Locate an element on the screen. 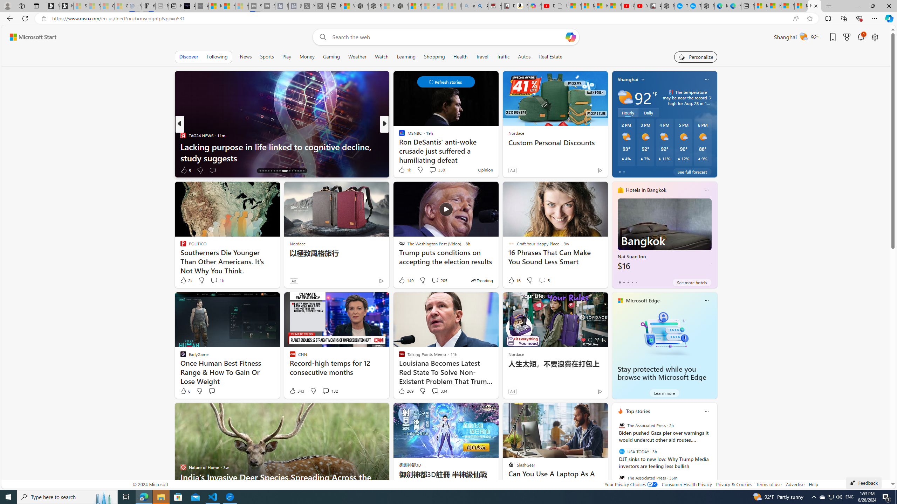  'tab-4' is located at coordinates (636, 282).